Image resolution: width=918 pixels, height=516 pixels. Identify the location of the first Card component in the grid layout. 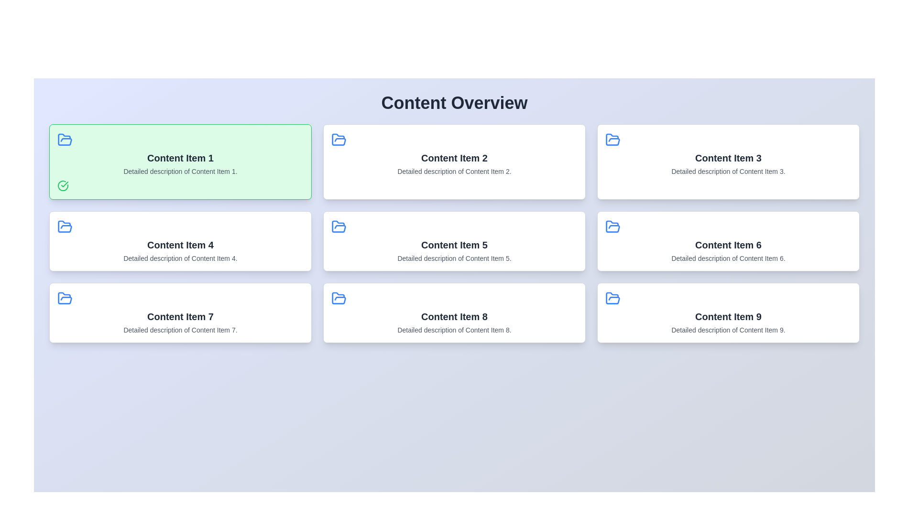
(180, 161).